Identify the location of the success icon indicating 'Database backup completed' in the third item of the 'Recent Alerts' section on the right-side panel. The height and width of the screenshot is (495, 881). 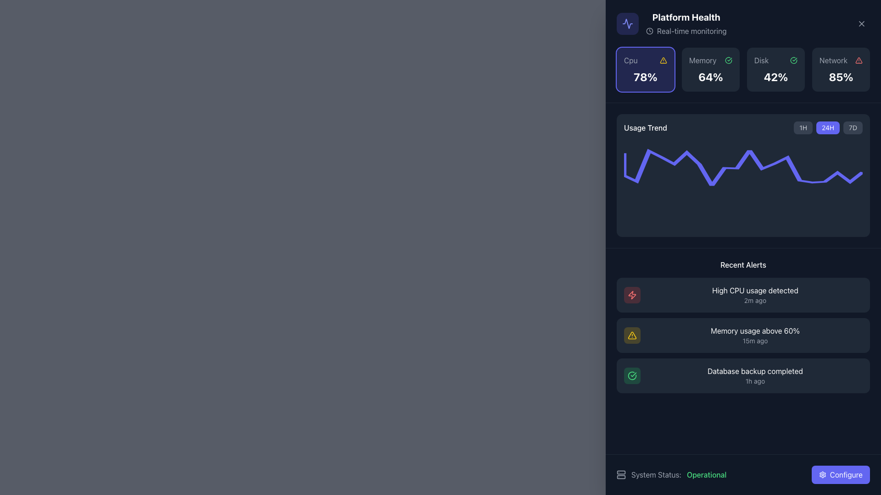
(631, 376).